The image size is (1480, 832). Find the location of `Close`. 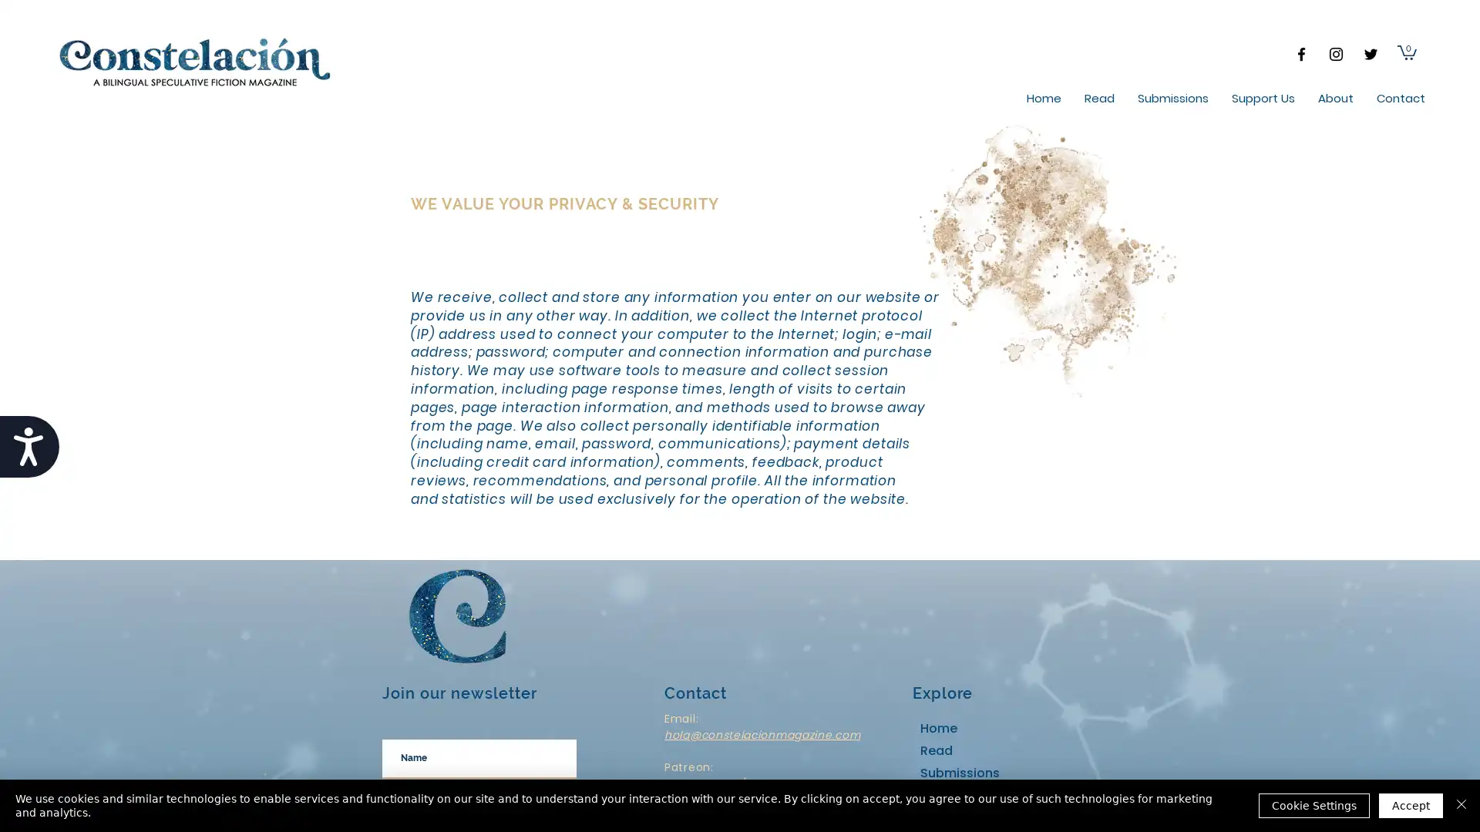

Close is located at coordinates (1461, 804).